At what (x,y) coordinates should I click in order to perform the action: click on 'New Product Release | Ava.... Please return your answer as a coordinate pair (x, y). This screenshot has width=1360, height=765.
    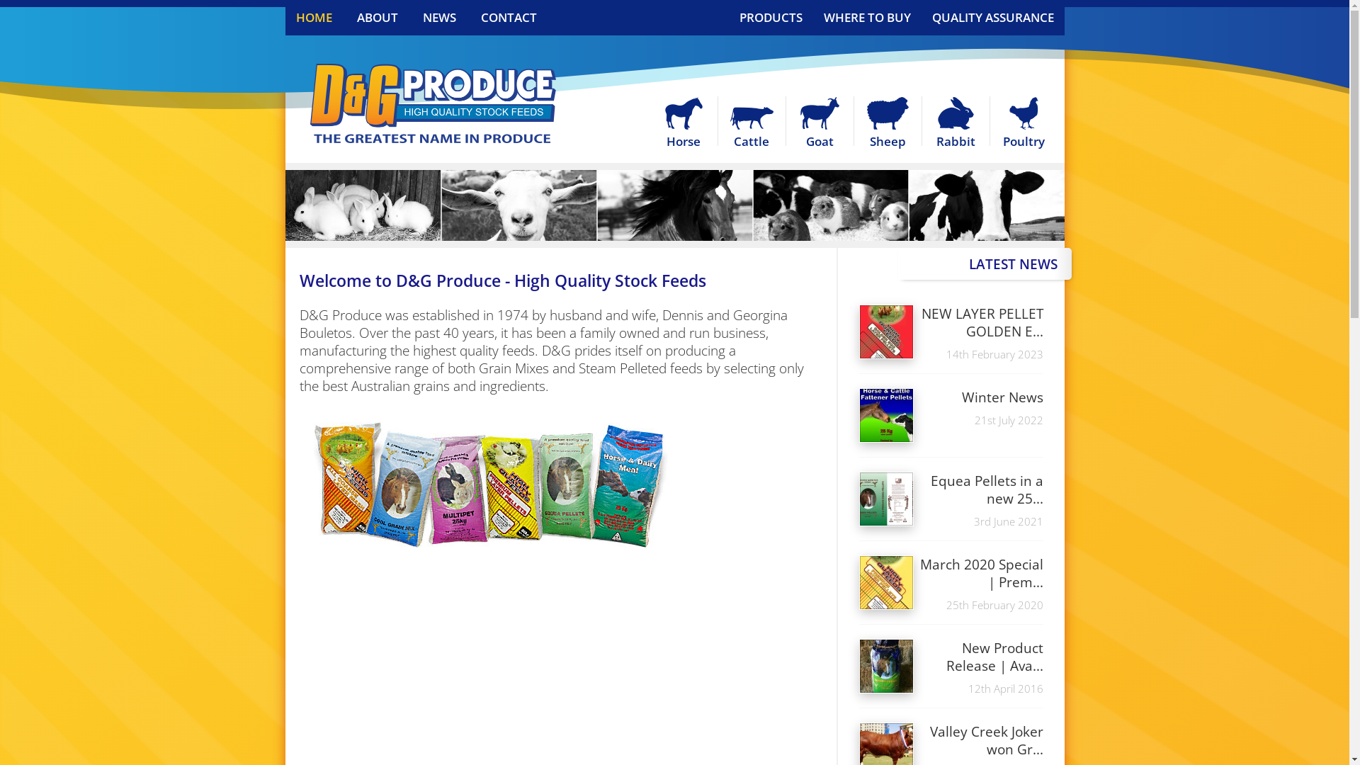
    Looking at the image, I should click on (951, 667).